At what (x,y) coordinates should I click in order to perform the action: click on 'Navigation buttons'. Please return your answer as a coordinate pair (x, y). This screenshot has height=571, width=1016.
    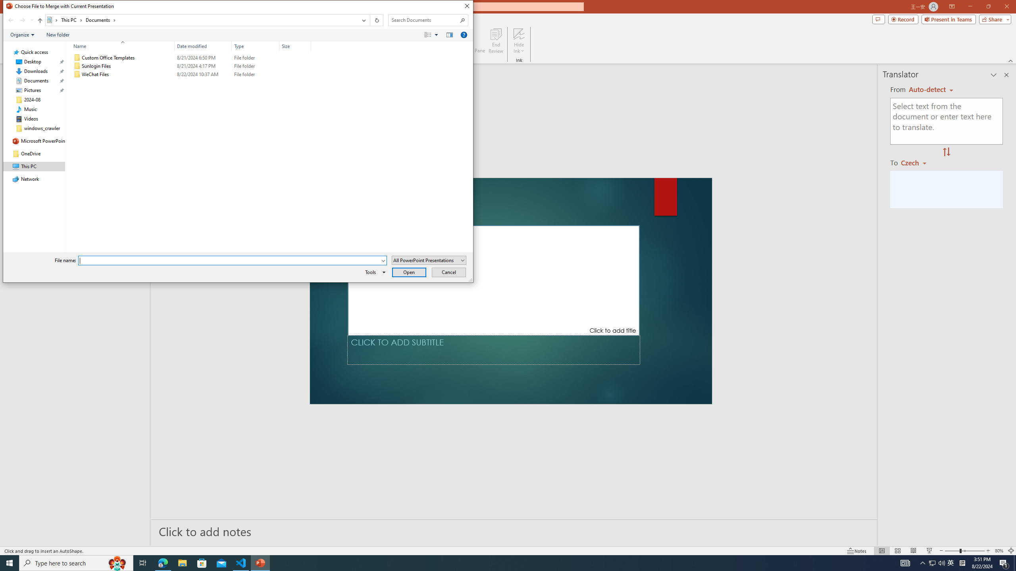
    Looking at the image, I should click on (20, 20).